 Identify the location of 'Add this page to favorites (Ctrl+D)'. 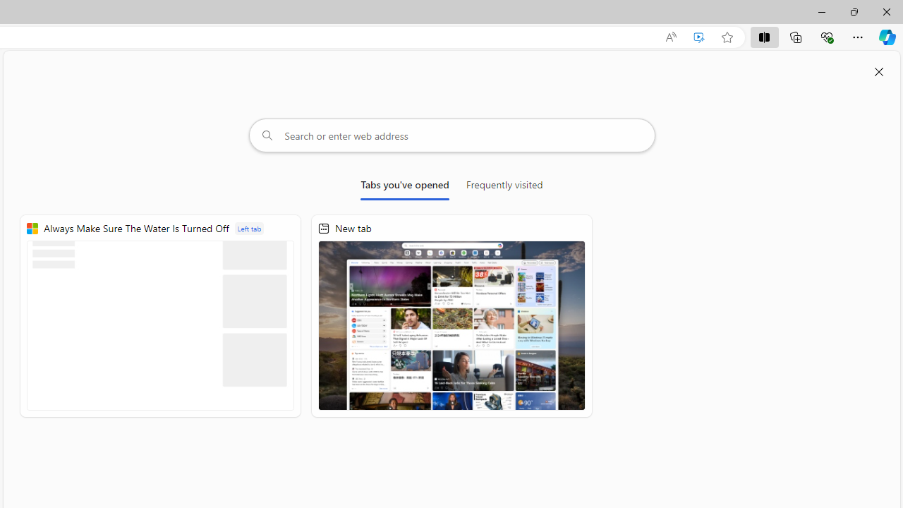
(727, 37).